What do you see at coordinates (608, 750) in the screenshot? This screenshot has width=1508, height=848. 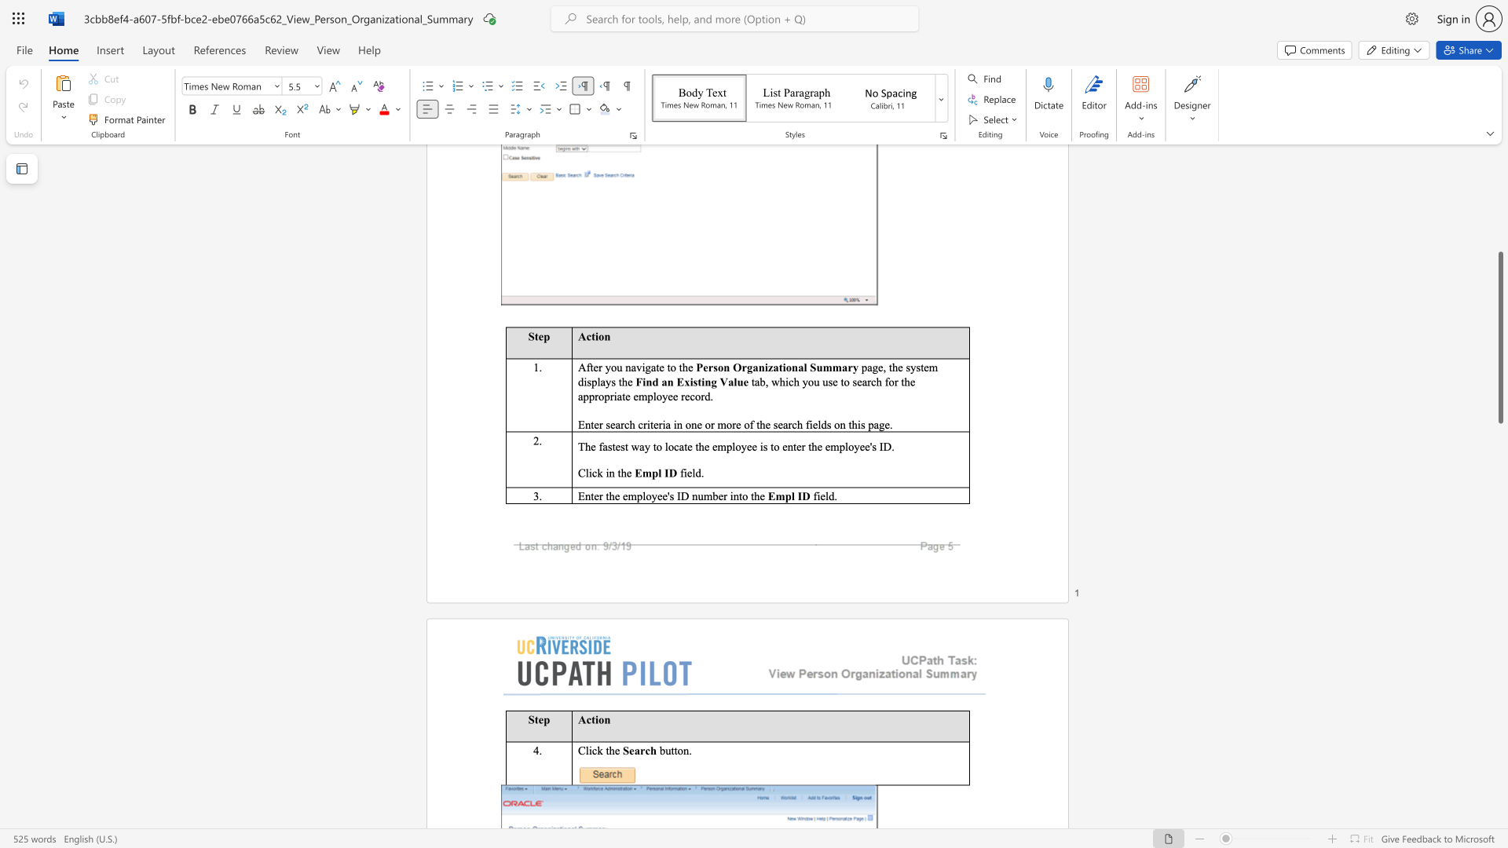 I see `the subset text "he" within the text "Click the"` at bounding box center [608, 750].